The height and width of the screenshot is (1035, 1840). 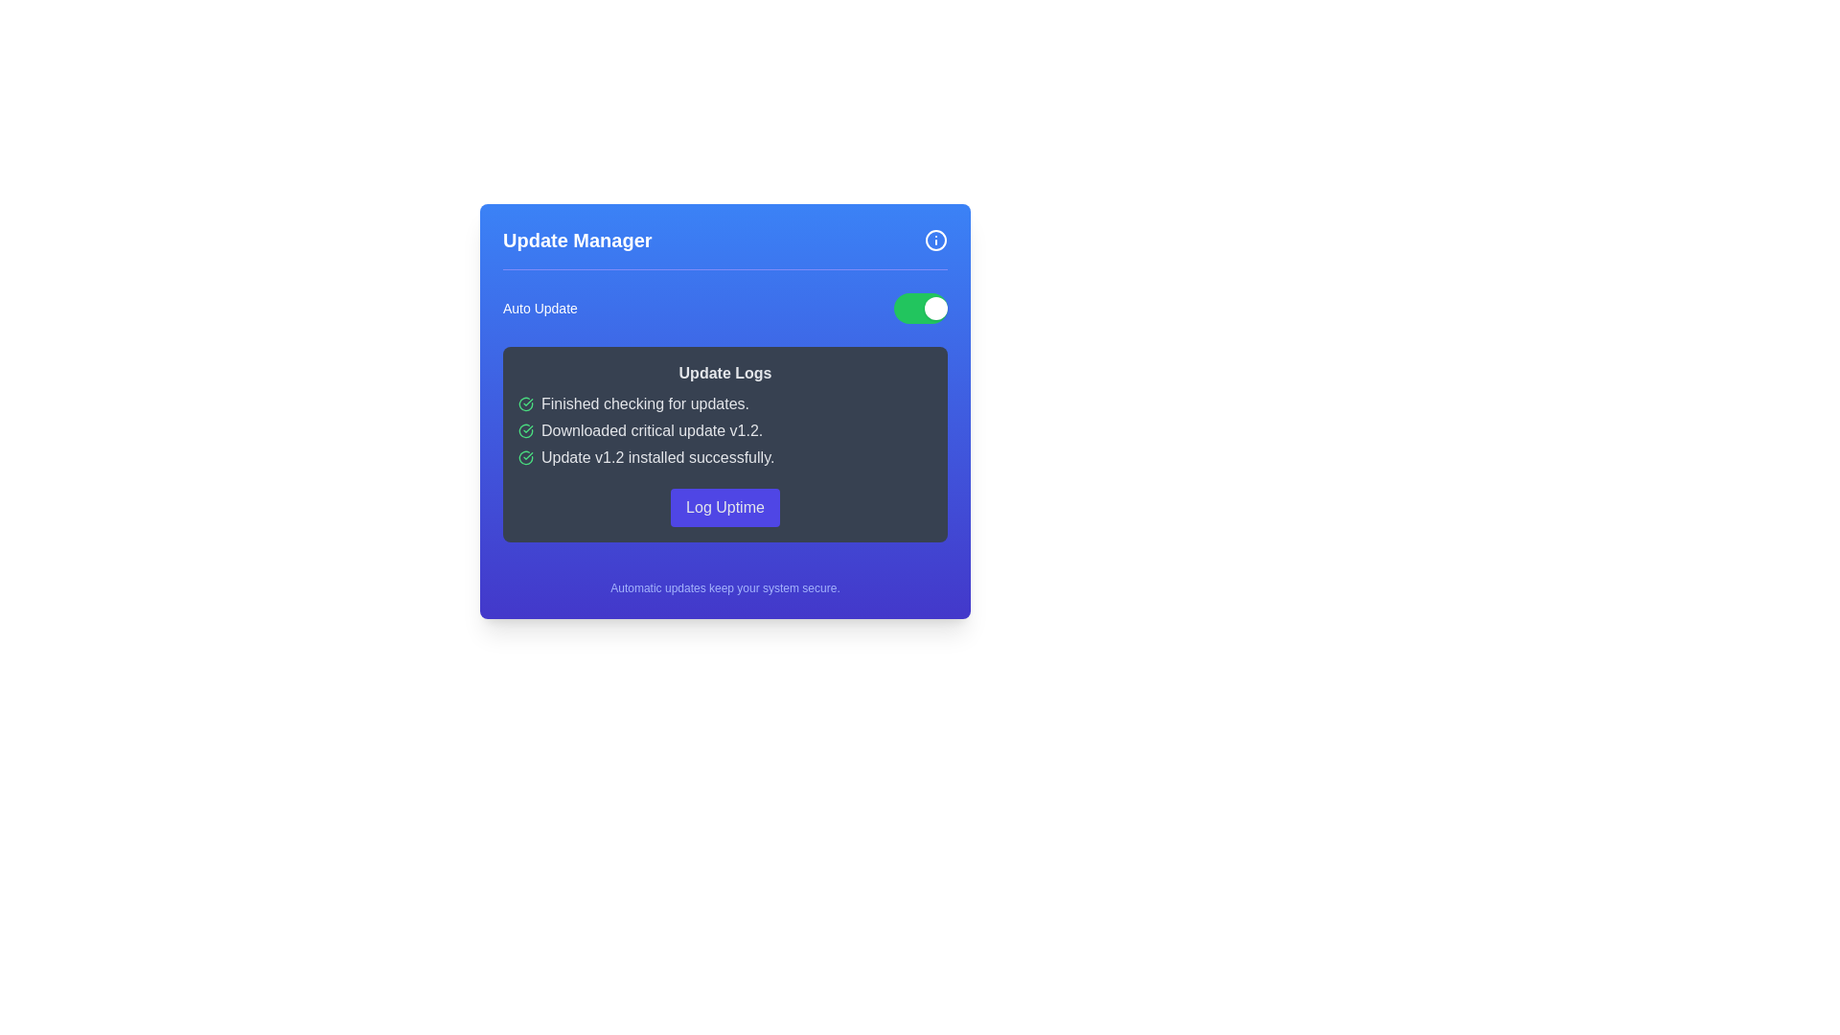 I want to click on the green circular checkmark icon located next to the text 'Finished checking for updates.' in the 'Update Logs' section of the interface, so click(x=525, y=458).